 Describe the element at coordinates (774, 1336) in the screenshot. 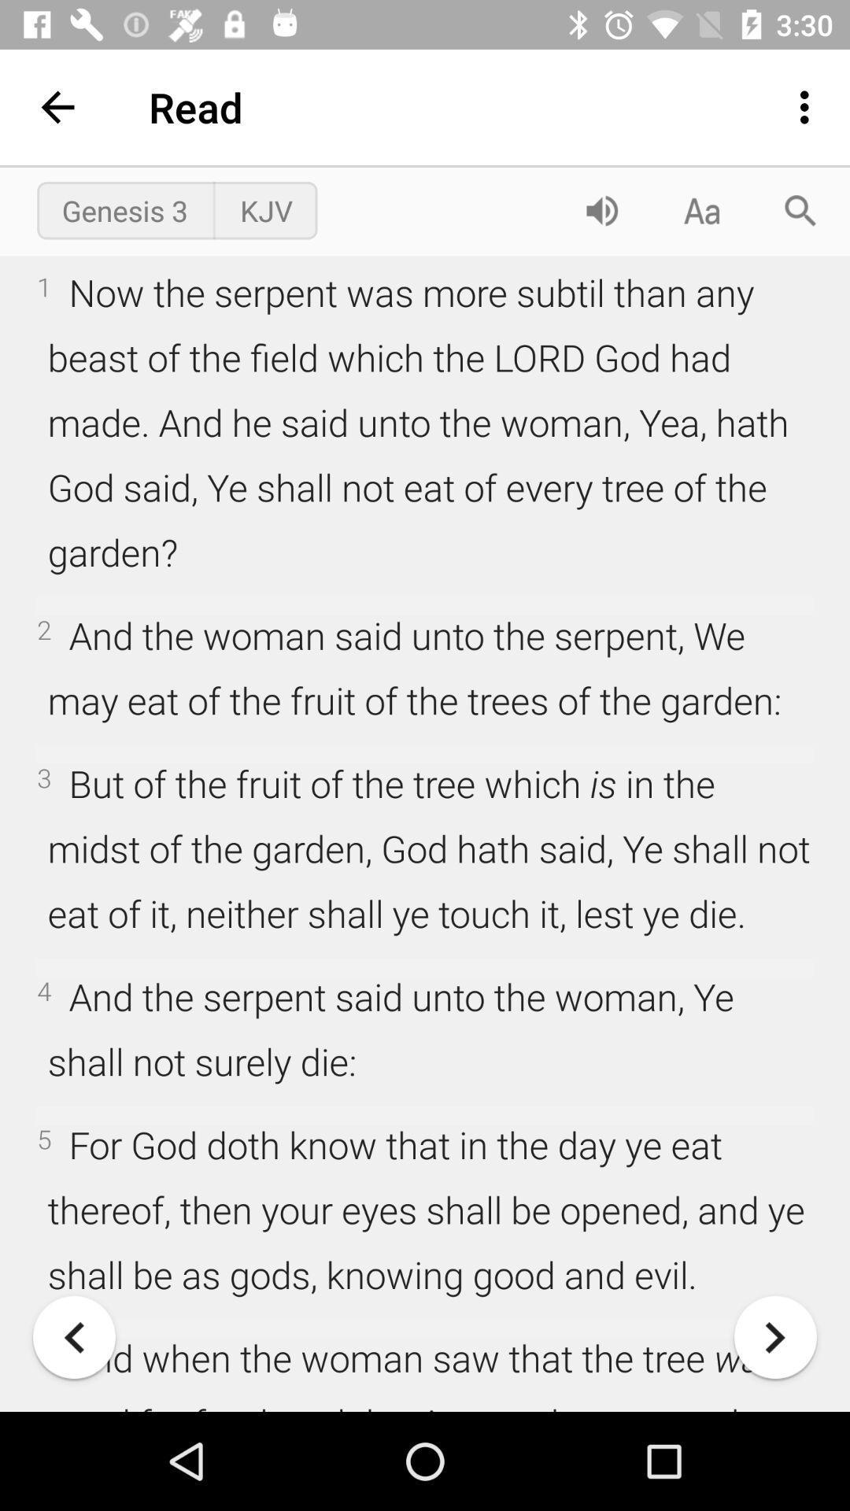

I see `item below 4 and the icon` at that location.